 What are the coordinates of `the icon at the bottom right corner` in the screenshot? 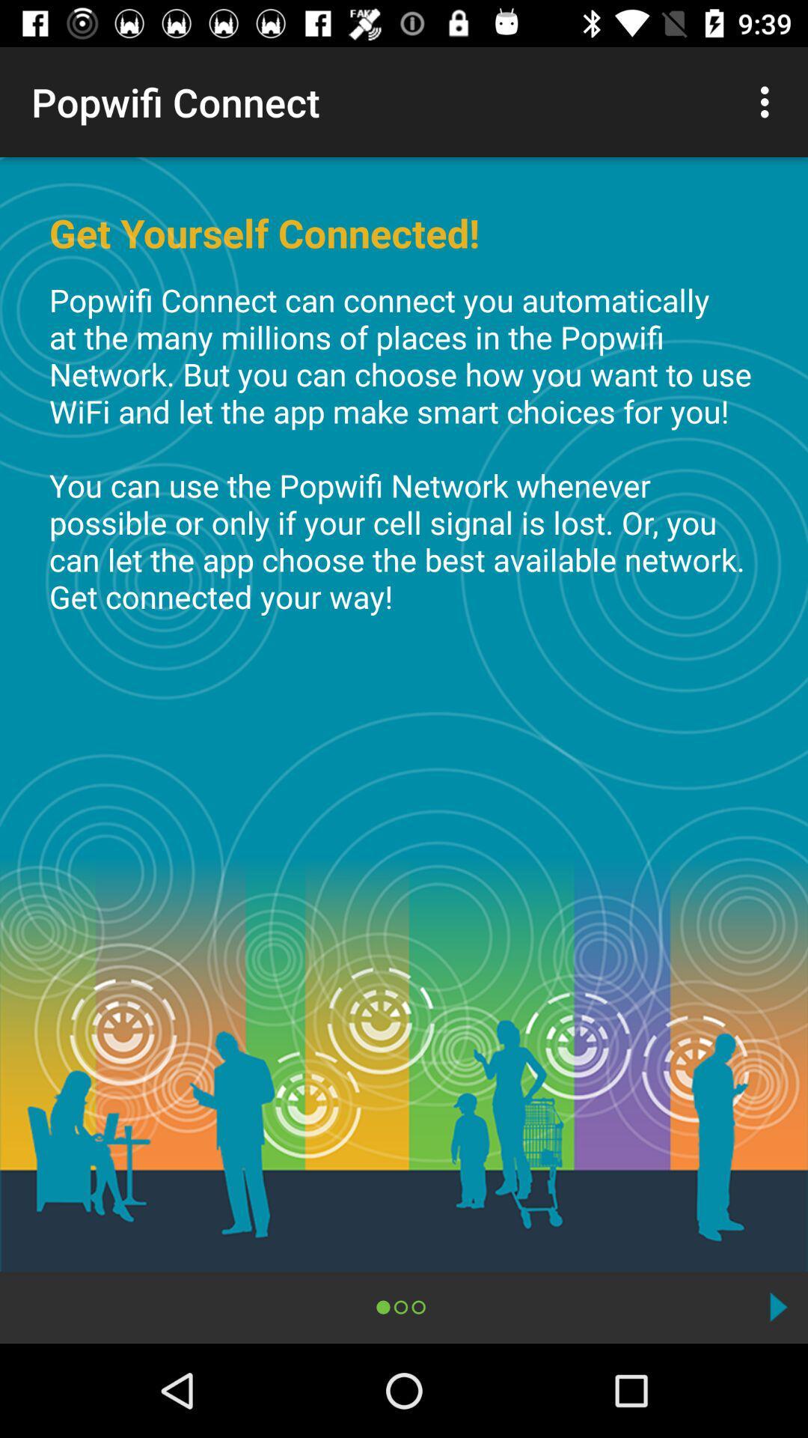 It's located at (777, 1306).